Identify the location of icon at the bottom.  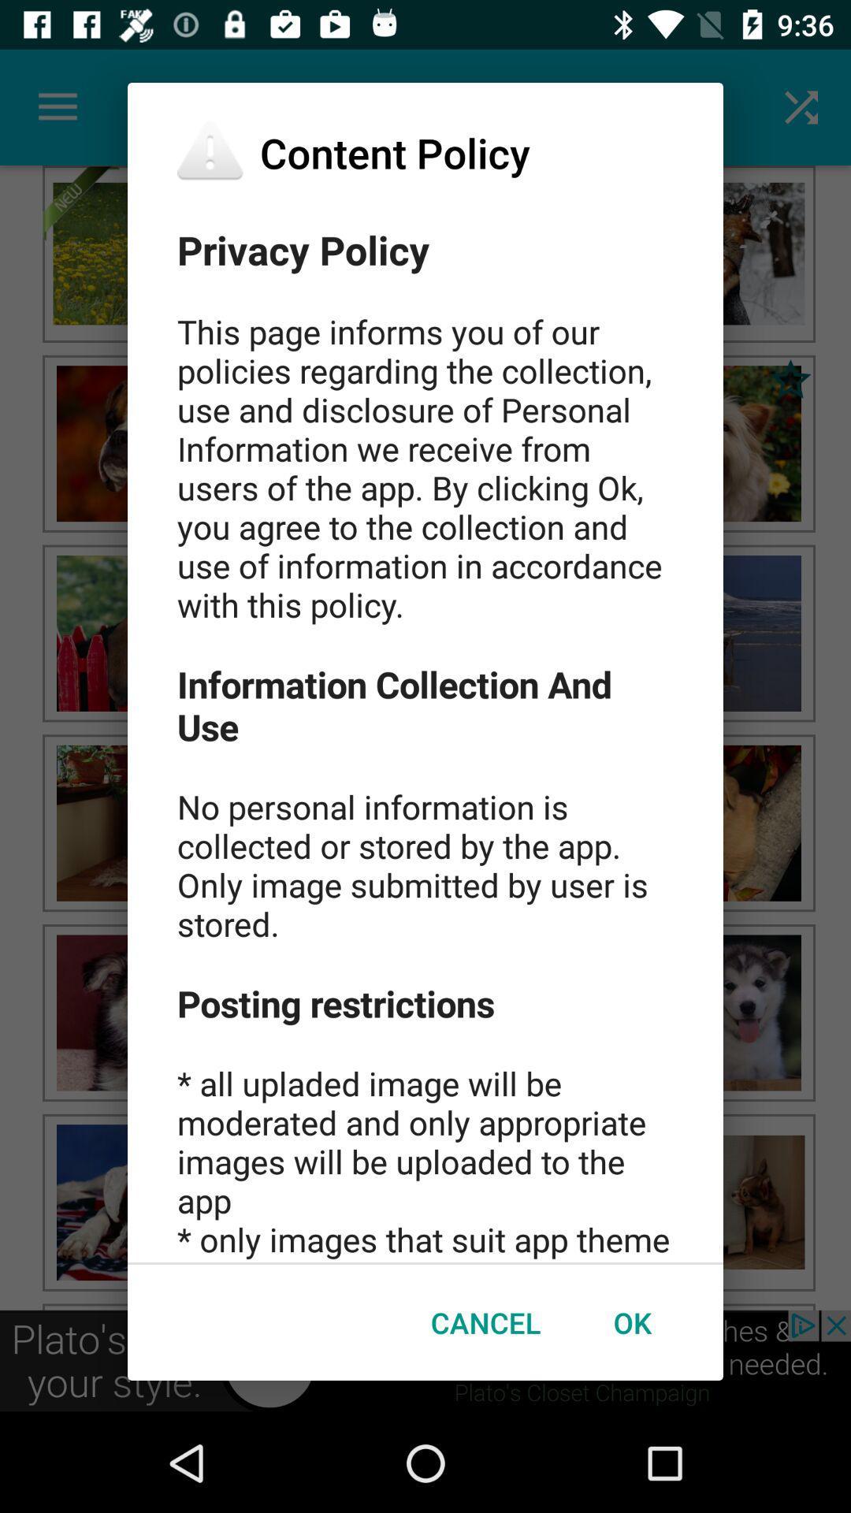
(485, 1322).